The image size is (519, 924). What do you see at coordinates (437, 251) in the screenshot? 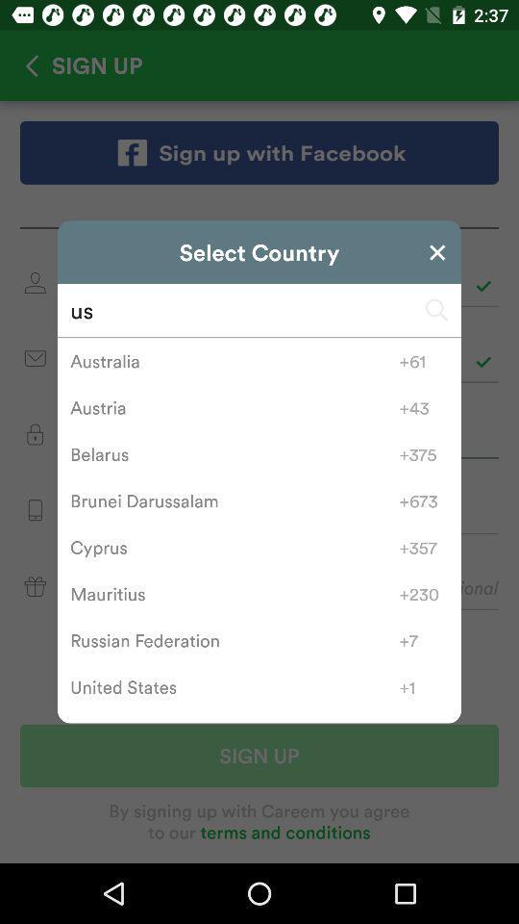
I see `item next to select country` at bounding box center [437, 251].